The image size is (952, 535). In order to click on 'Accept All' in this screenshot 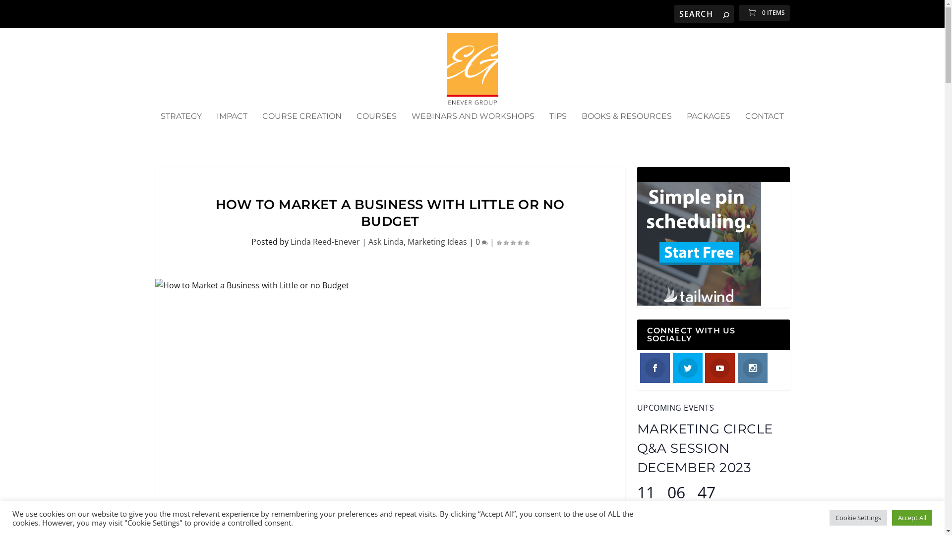, I will do `click(912, 517)`.